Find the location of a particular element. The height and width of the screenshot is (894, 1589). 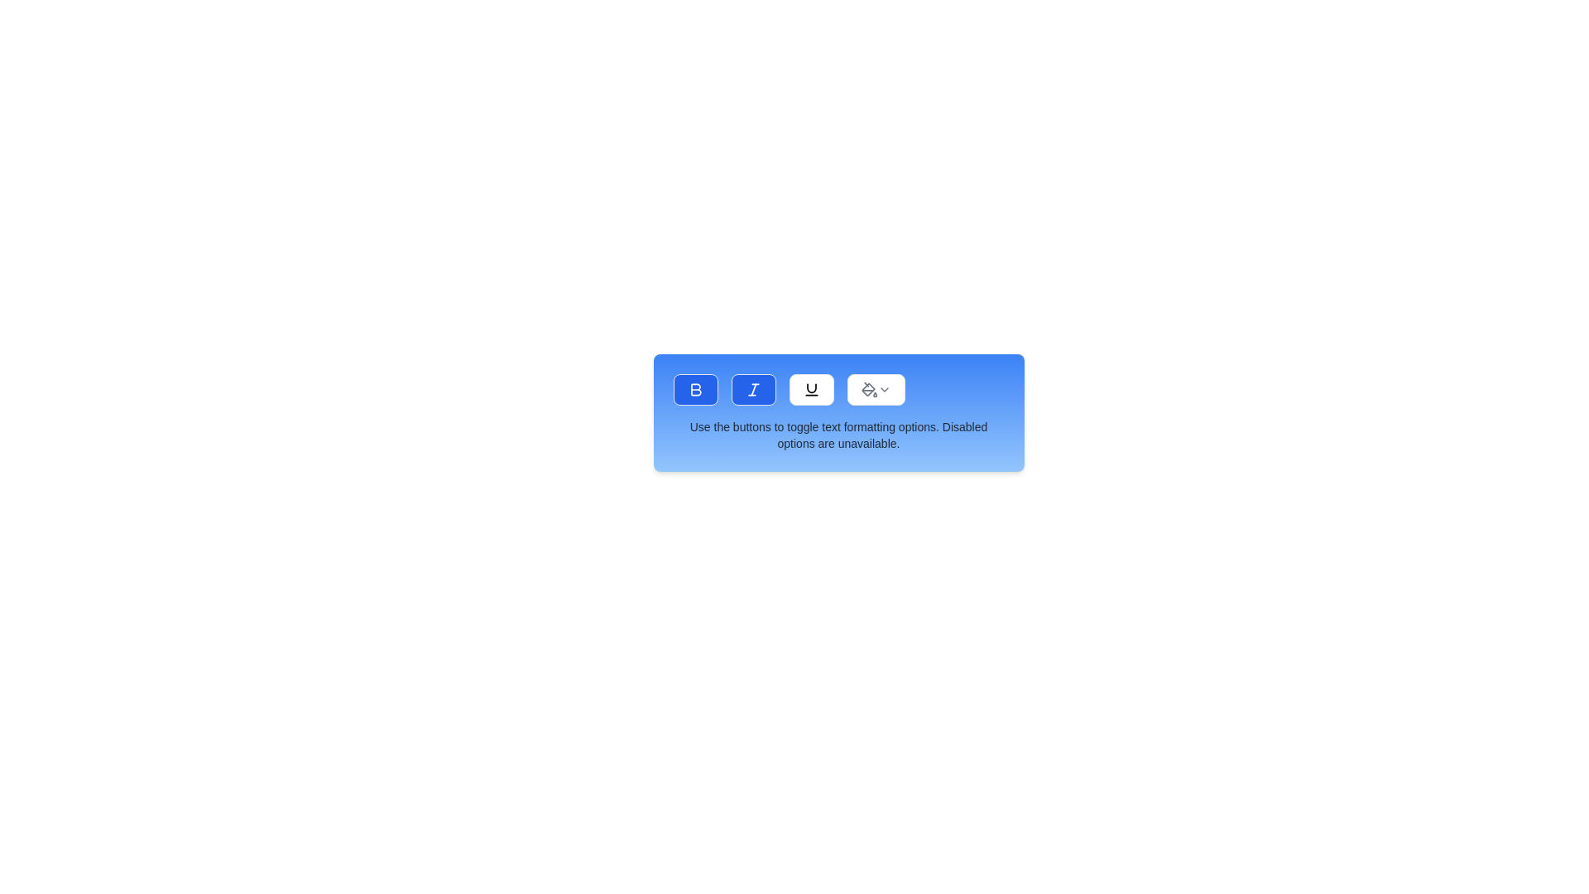

the underline formatting icon located within the third button from the left in the horizontal toolbar is located at coordinates (811, 388).